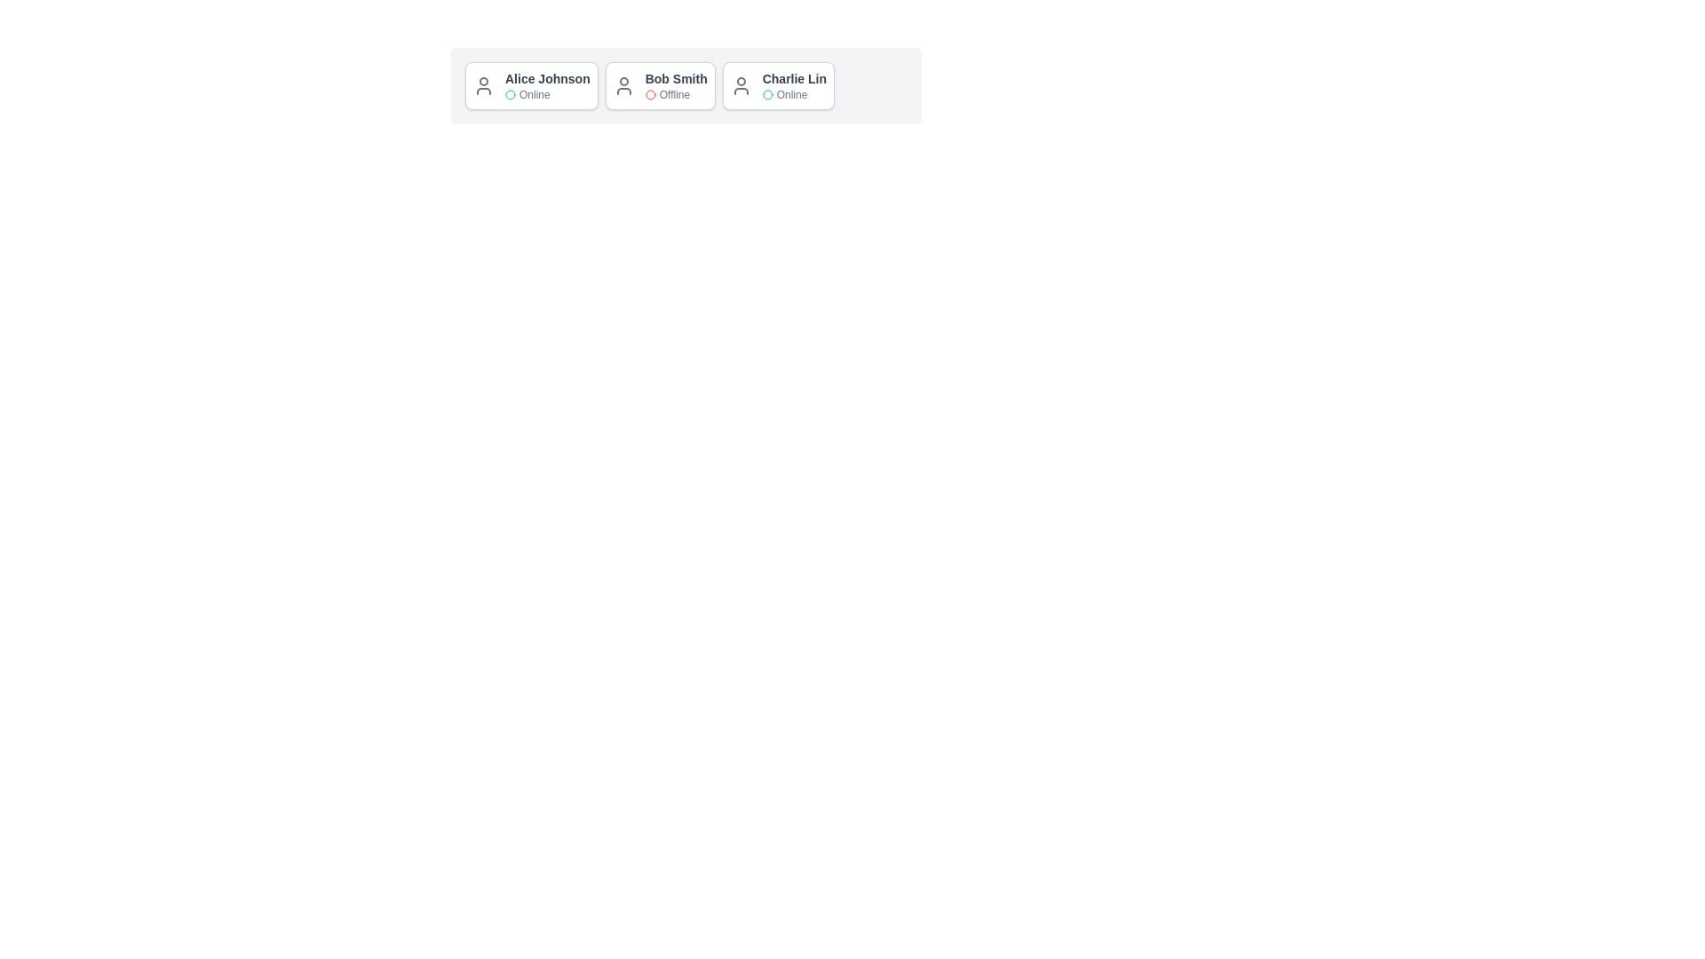 The image size is (1705, 959). I want to click on the card of Alice Johnson to select it, so click(530, 85).